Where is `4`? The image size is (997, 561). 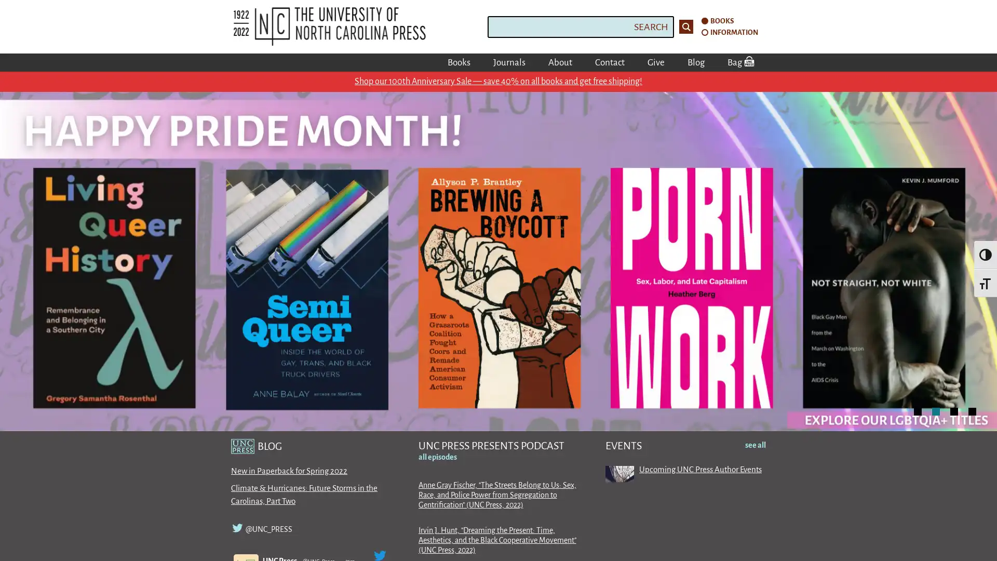 4 is located at coordinates (972, 410).